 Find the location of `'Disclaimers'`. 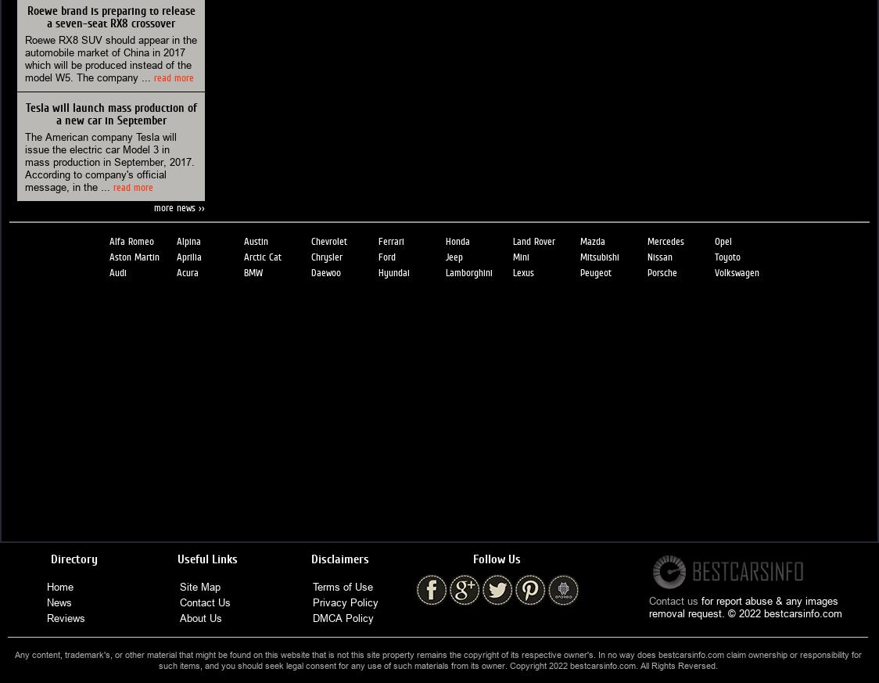

'Disclaimers' is located at coordinates (339, 558).